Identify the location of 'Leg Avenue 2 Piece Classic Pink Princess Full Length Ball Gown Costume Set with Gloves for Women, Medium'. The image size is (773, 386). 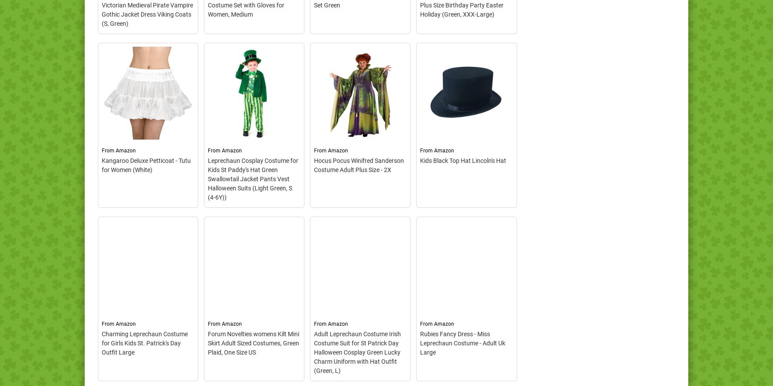
(252, 99).